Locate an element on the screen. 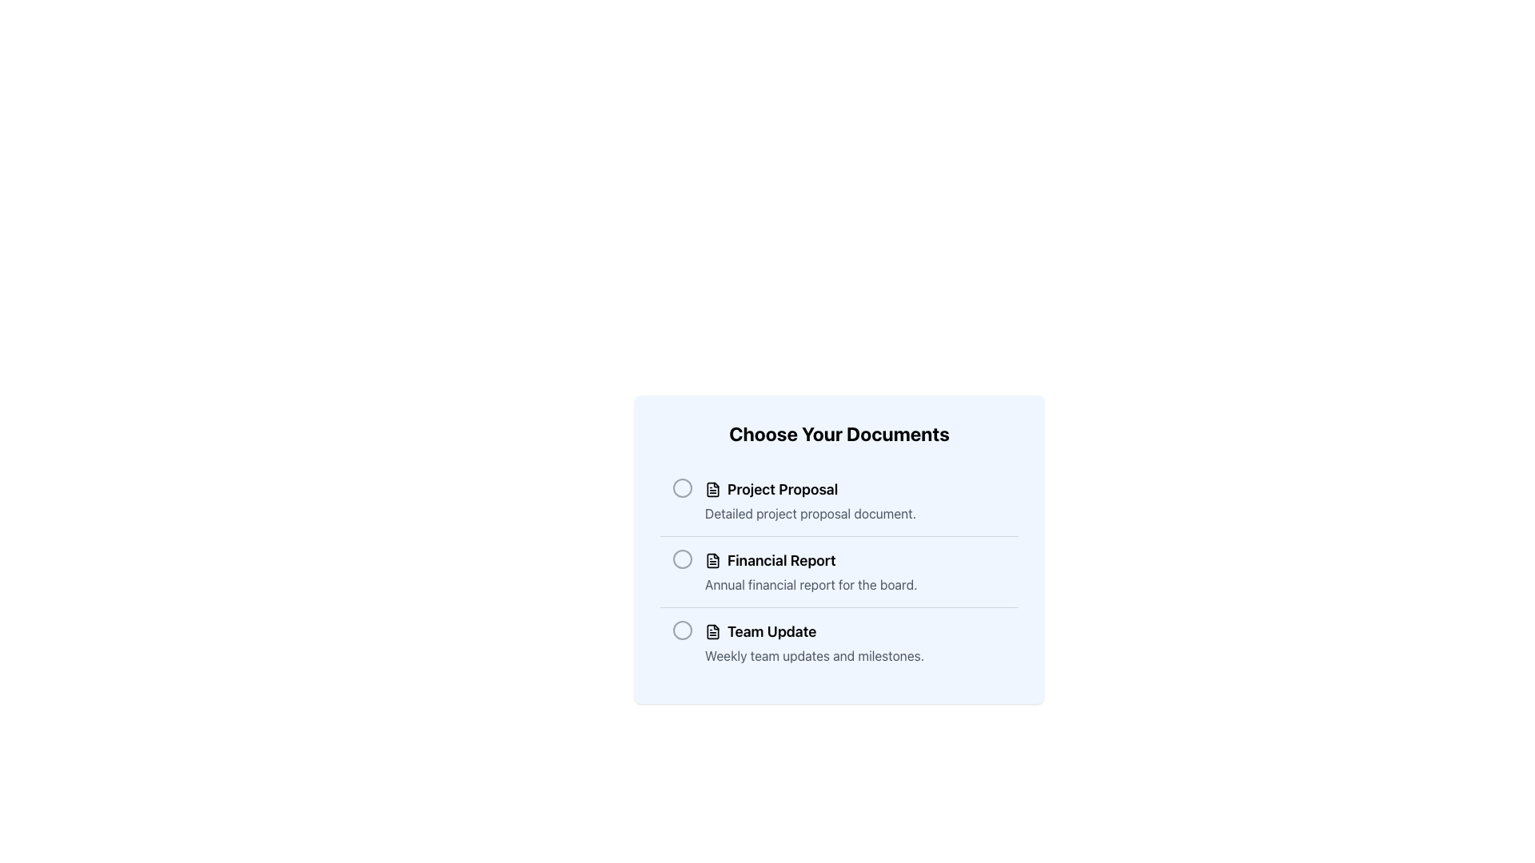 The image size is (1535, 863). the document icon located to the left of the 'Financial Report' text in the second item of the 'Choose Your Documents' list is located at coordinates (712, 560).